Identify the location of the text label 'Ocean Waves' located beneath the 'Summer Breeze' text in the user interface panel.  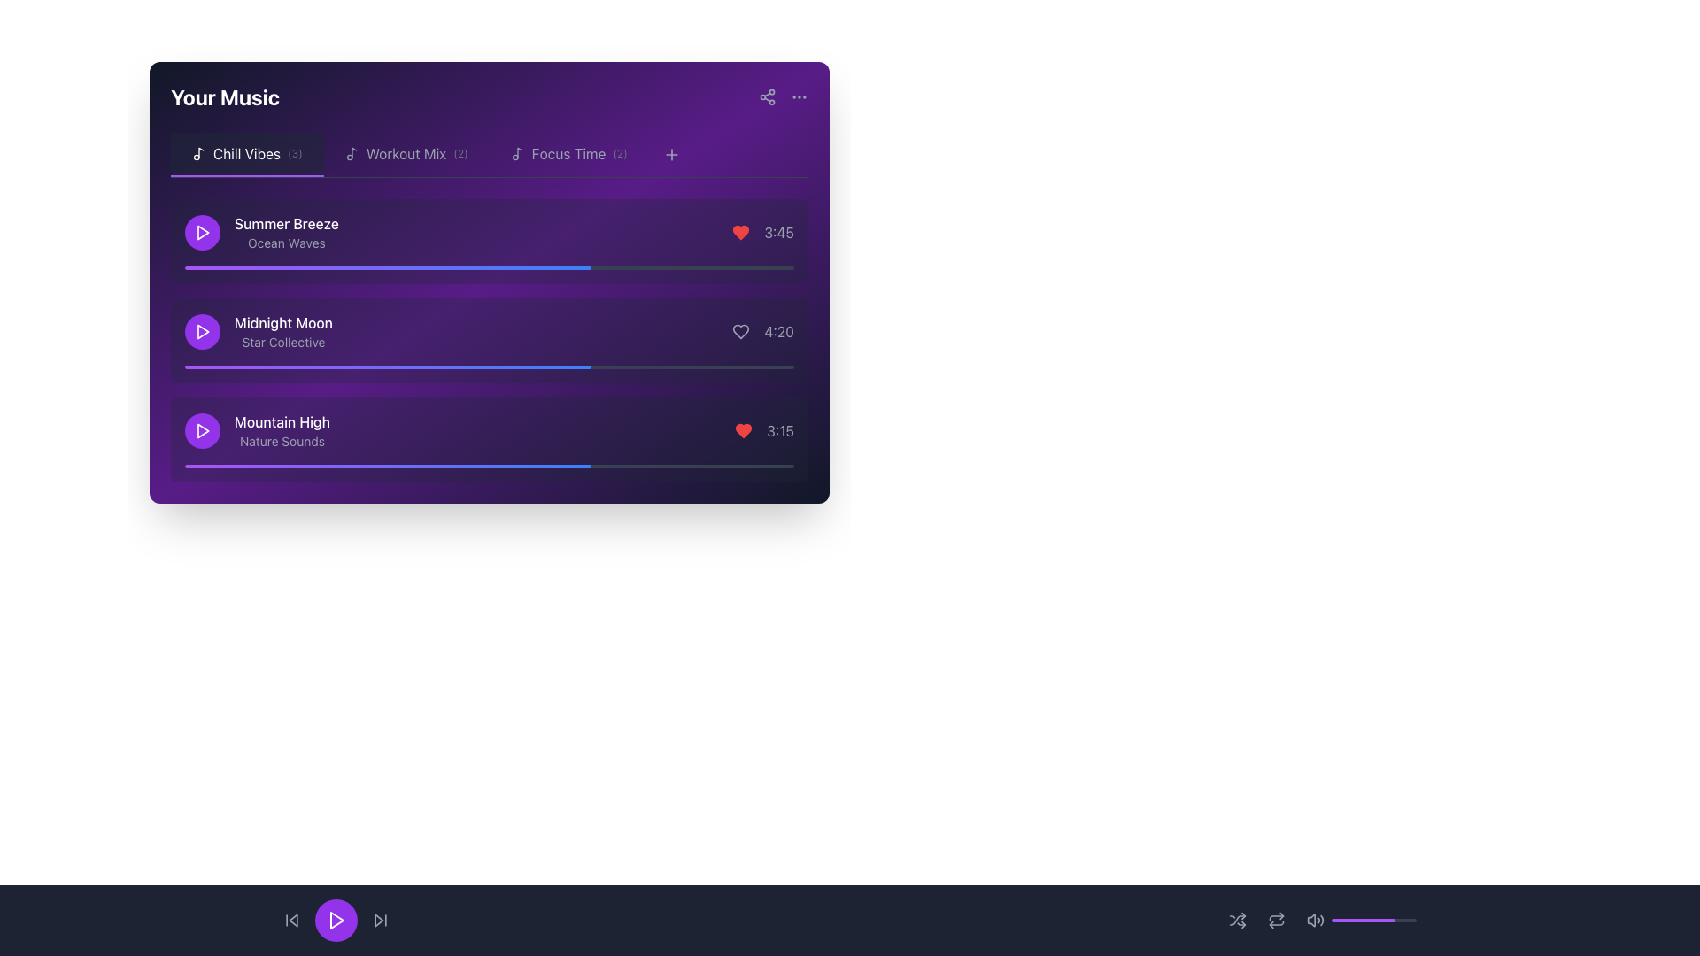
(286, 243).